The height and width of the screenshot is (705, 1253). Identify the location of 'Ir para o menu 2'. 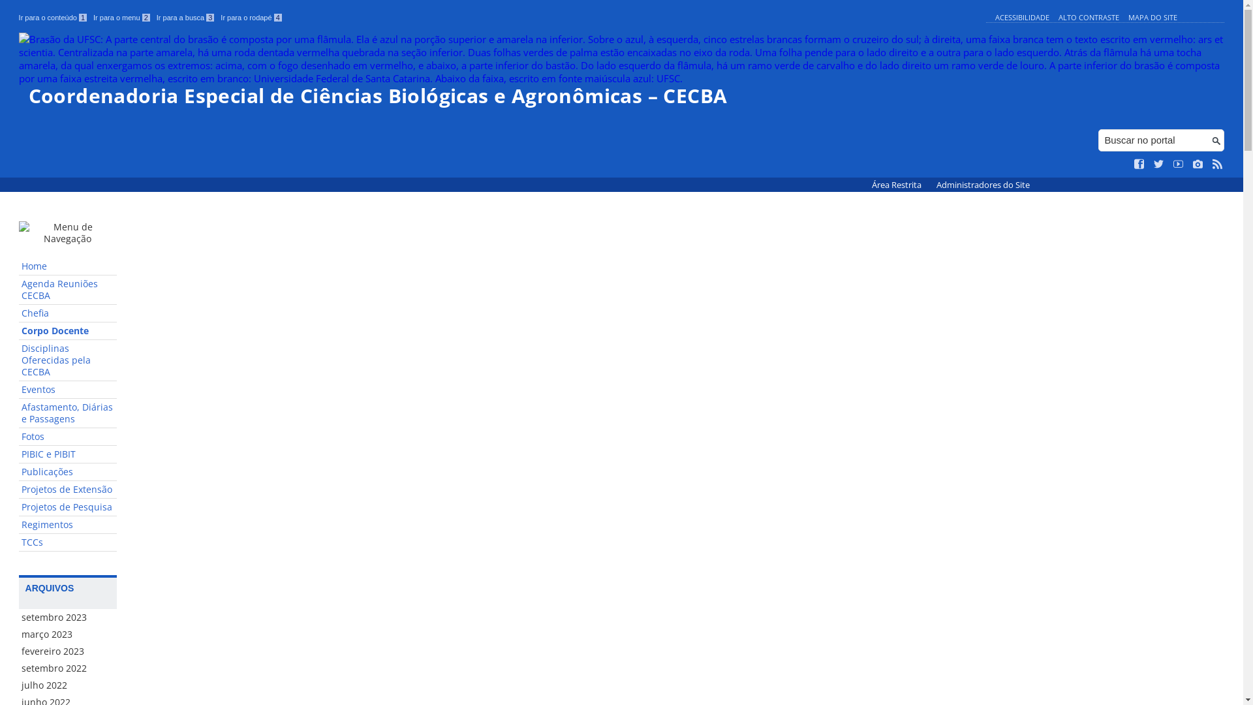
(121, 18).